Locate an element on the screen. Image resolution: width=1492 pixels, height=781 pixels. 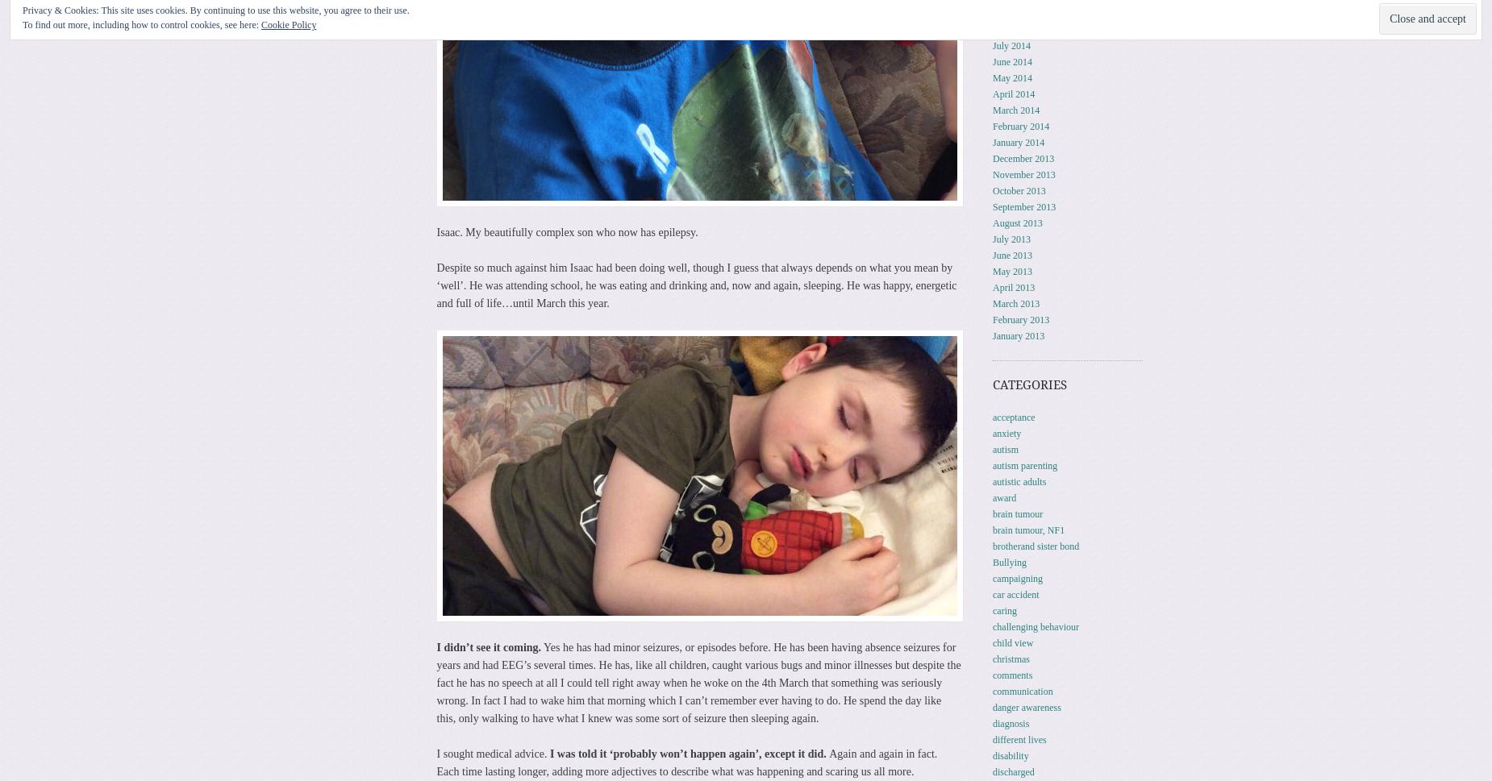
'discharged' is located at coordinates (991, 770).